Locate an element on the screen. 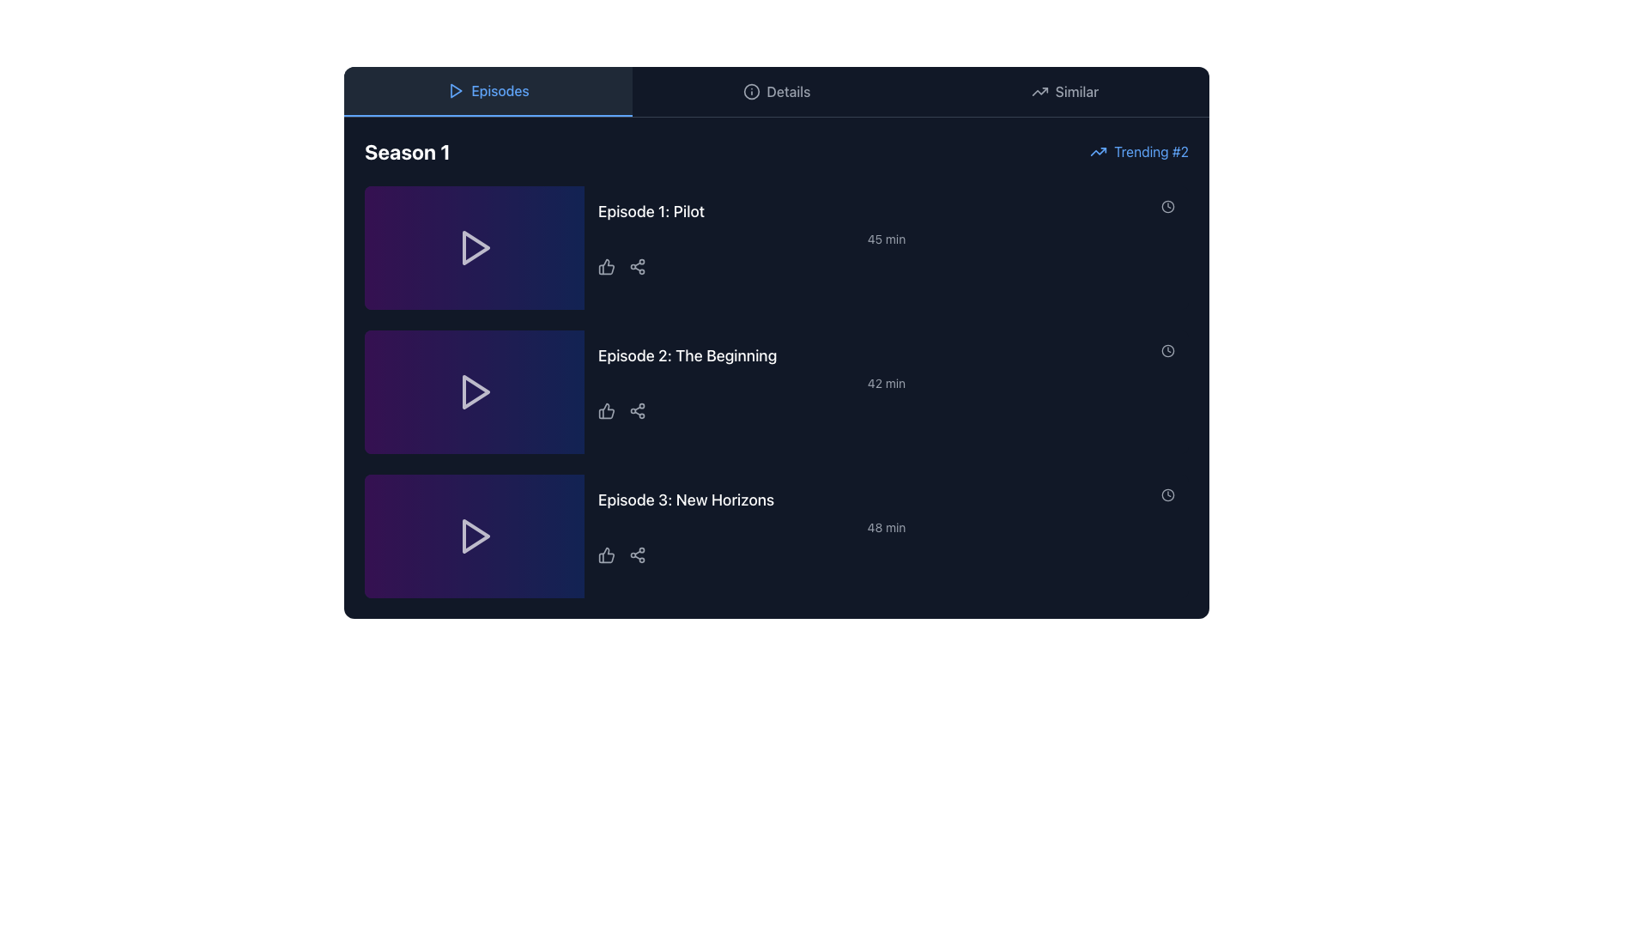 The height and width of the screenshot is (927, 1648). the circular gray clock icon located to the far right of the 'Episode 2: The Beginning' label is located at coordinates (1167, 349).